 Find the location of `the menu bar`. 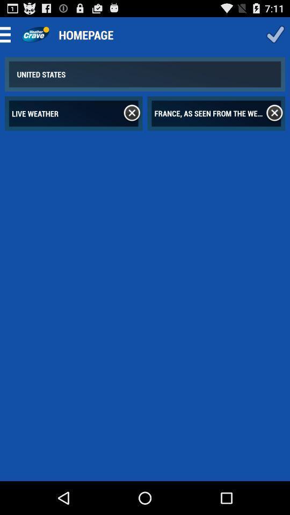

the menu bar is located at coordinates (8, 34).